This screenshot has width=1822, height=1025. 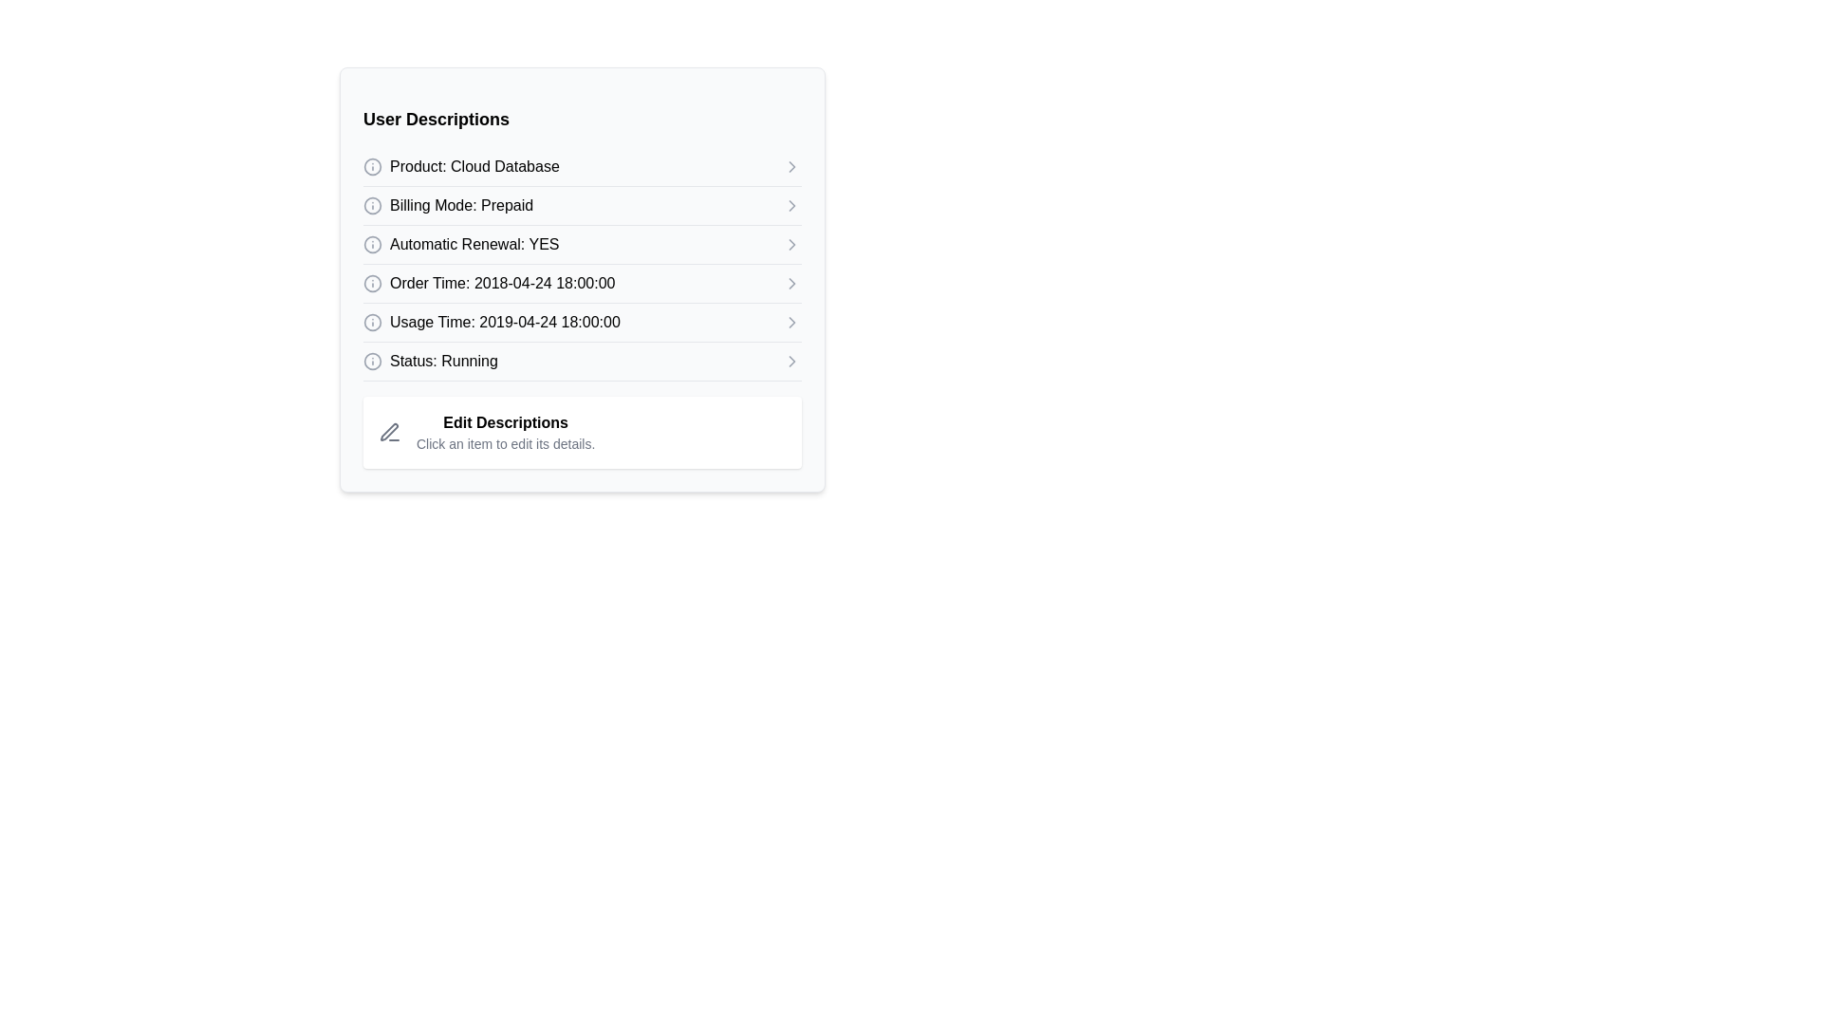 I want to click on the labeled navigation entry displaying 'Running', so click(x=582, y=362).